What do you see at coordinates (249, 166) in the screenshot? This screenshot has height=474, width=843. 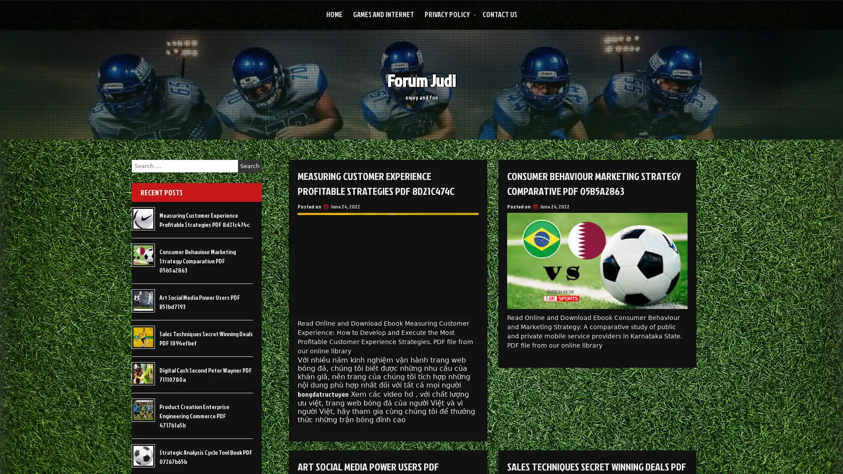 I see `Search` at bounding box center [249, 166].